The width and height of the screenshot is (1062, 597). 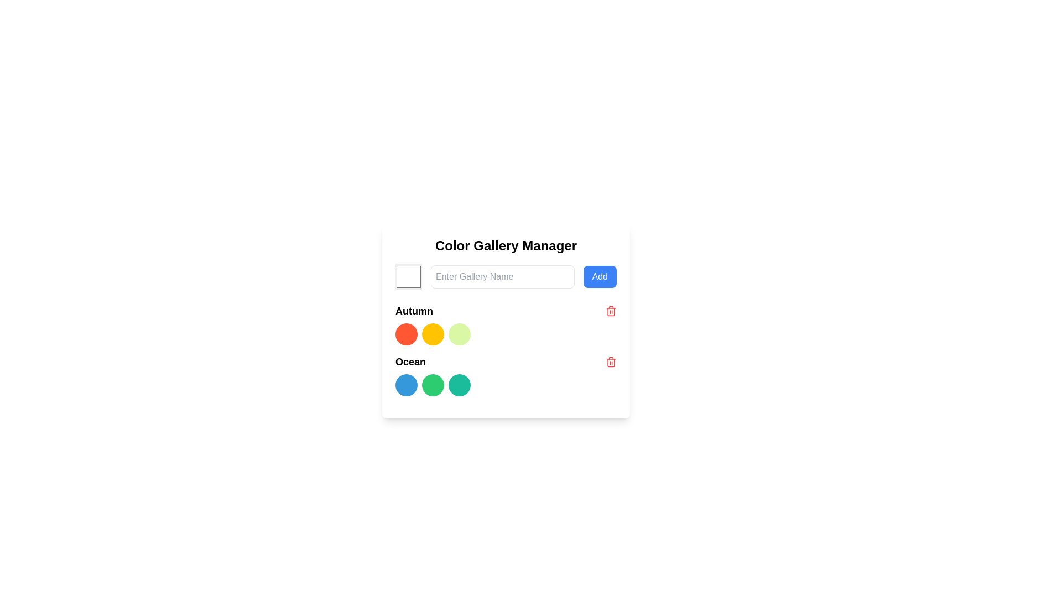 What do you see at coordinates (432, 334) in the screenshot?
I see `the second circular color indicator in the Autumn section, which visually represents a color option or category` at bounding box center [432, 334].